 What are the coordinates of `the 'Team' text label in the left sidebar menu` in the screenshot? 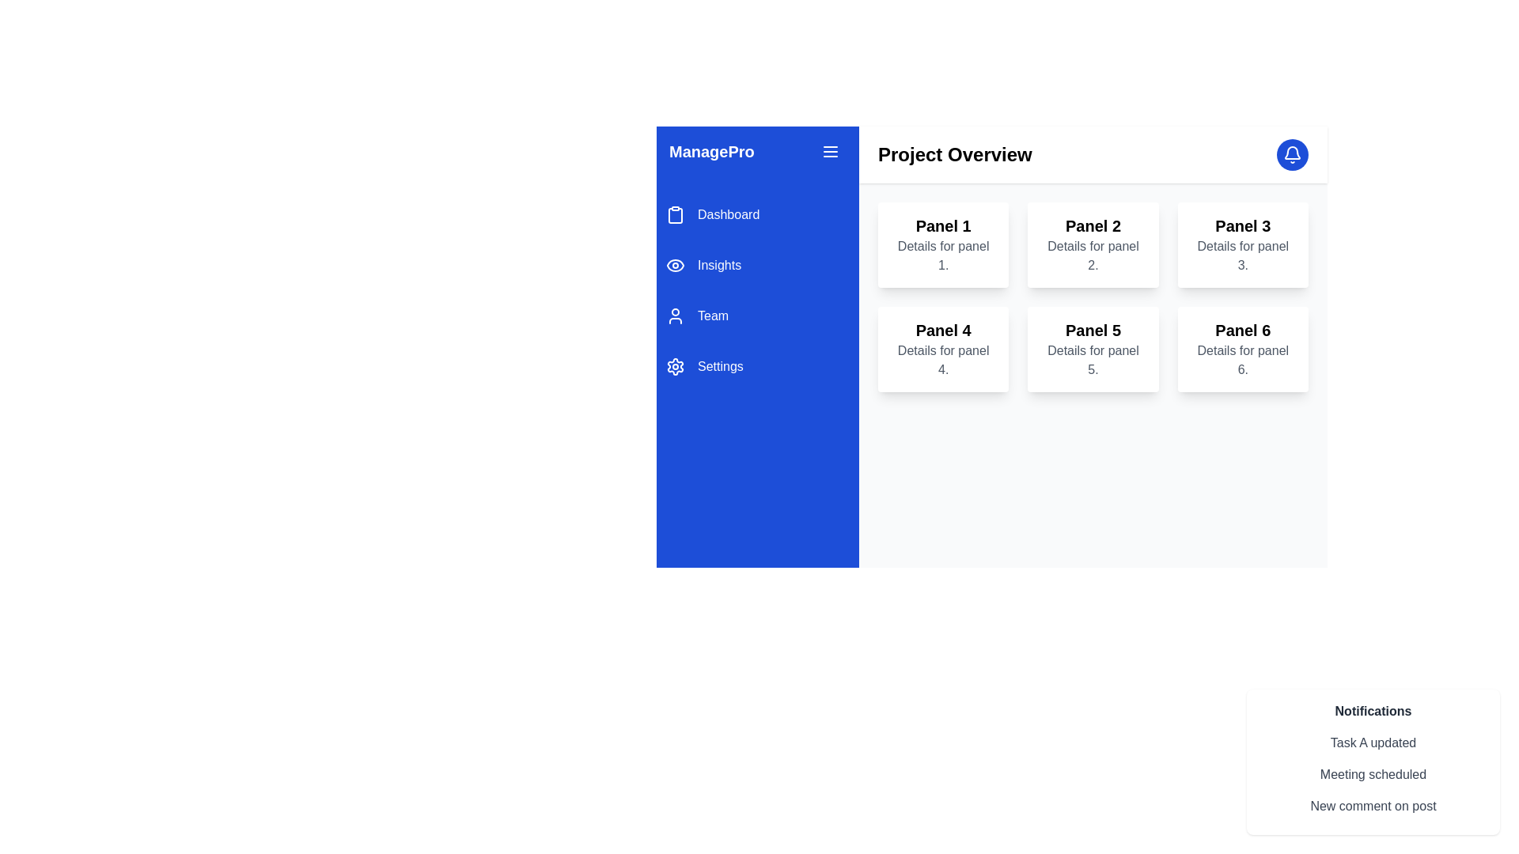 It's located at (712, 316).